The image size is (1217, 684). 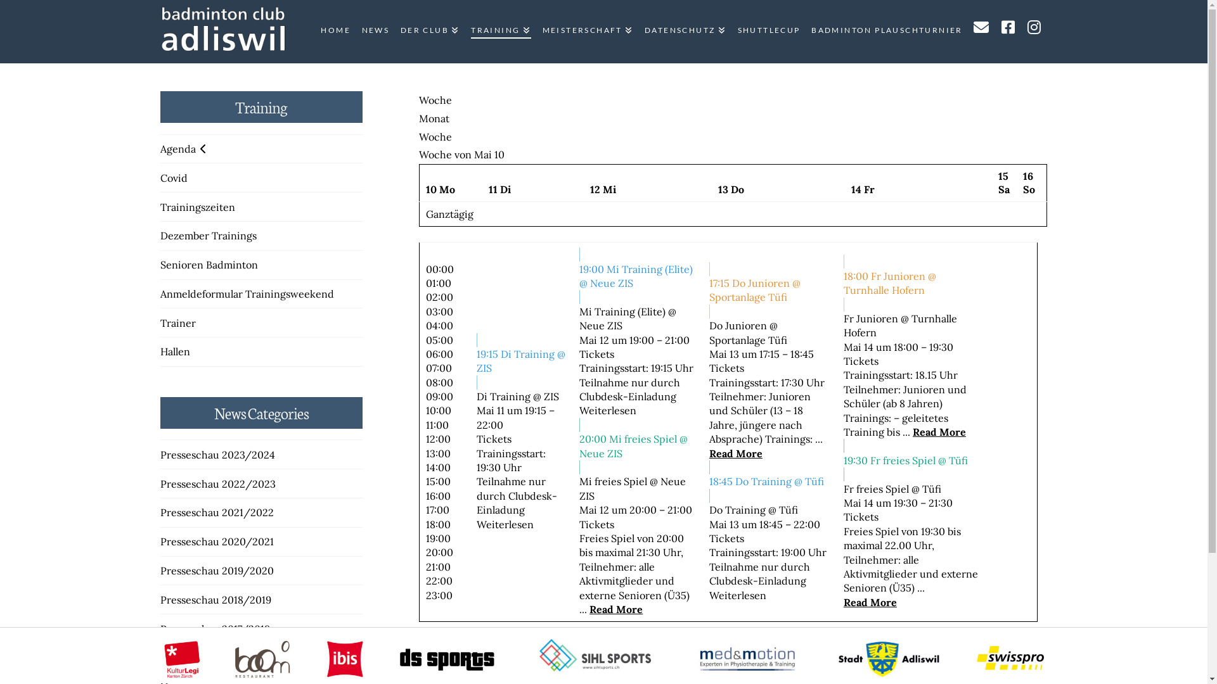 What do you see at coordinates (196, 206) in the screenshot?
I see `'Trainingszeiten'` at bounding box center [196, 206].